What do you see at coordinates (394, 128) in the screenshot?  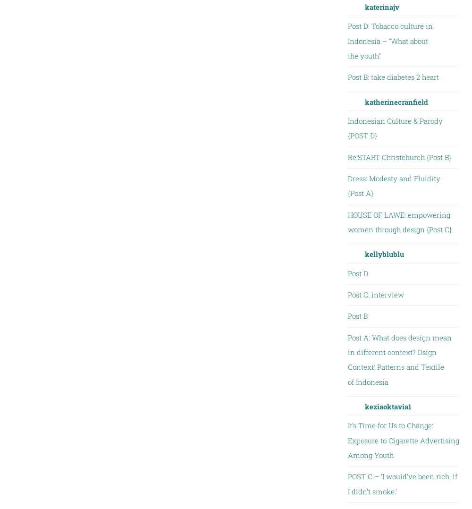 I see `'Indonesian Culture & Parody {POST D}'` at bounding box center [394, 128].